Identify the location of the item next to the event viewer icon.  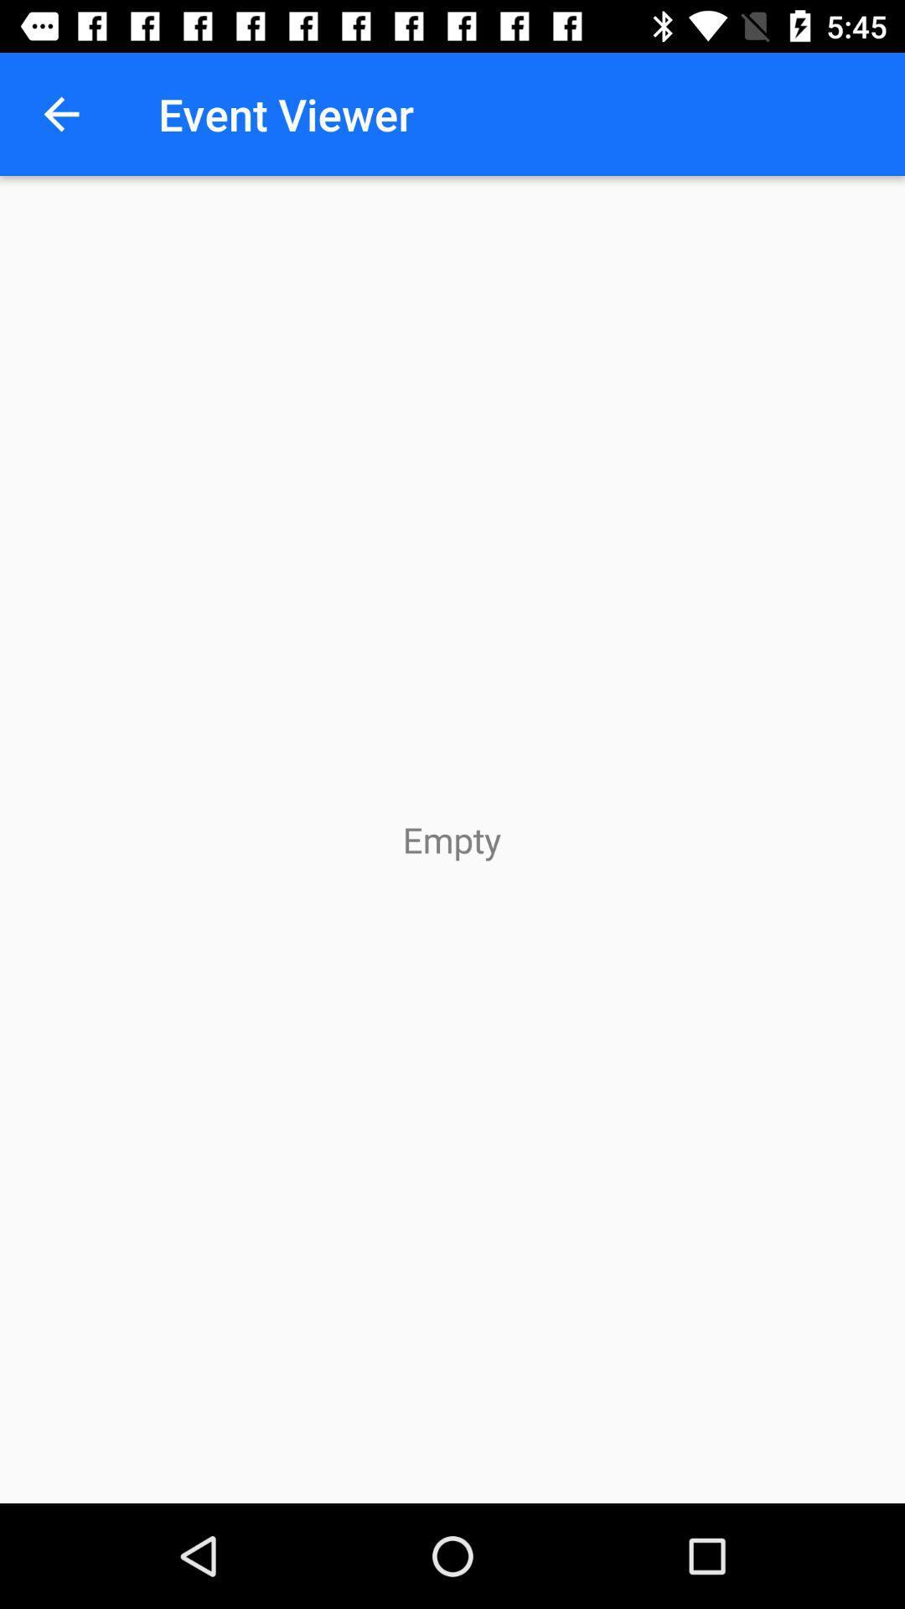
(60, 113).